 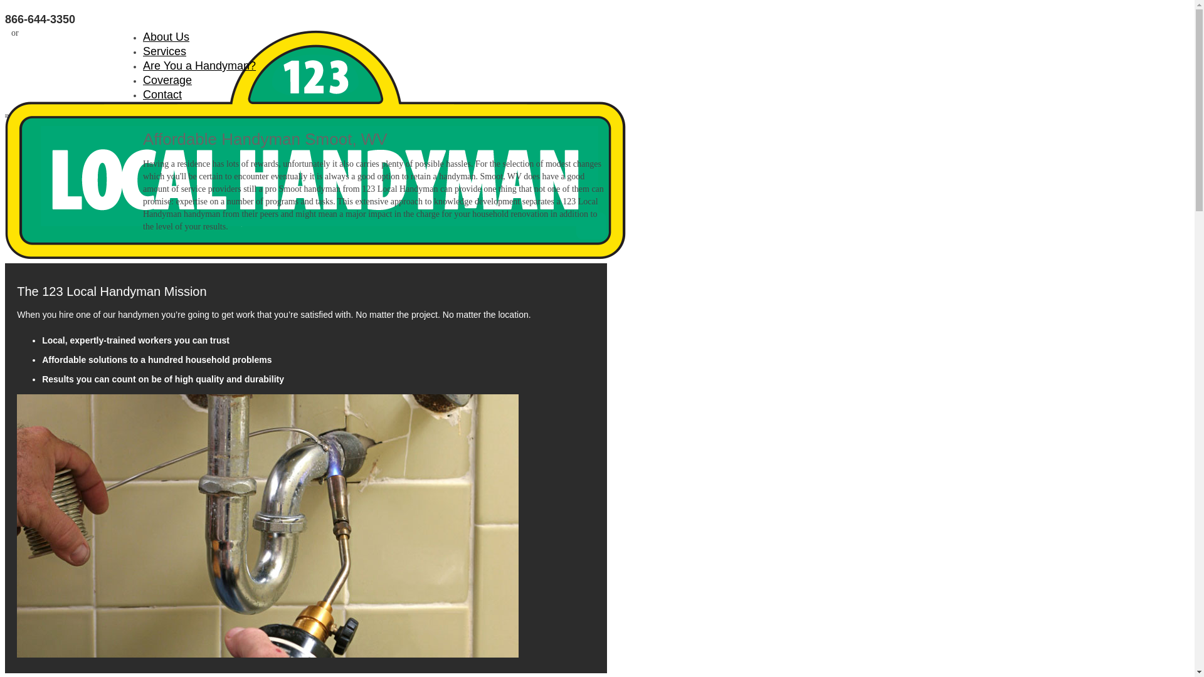 I want to click on 'Request a Free Quote', so click(x=82, y=31).